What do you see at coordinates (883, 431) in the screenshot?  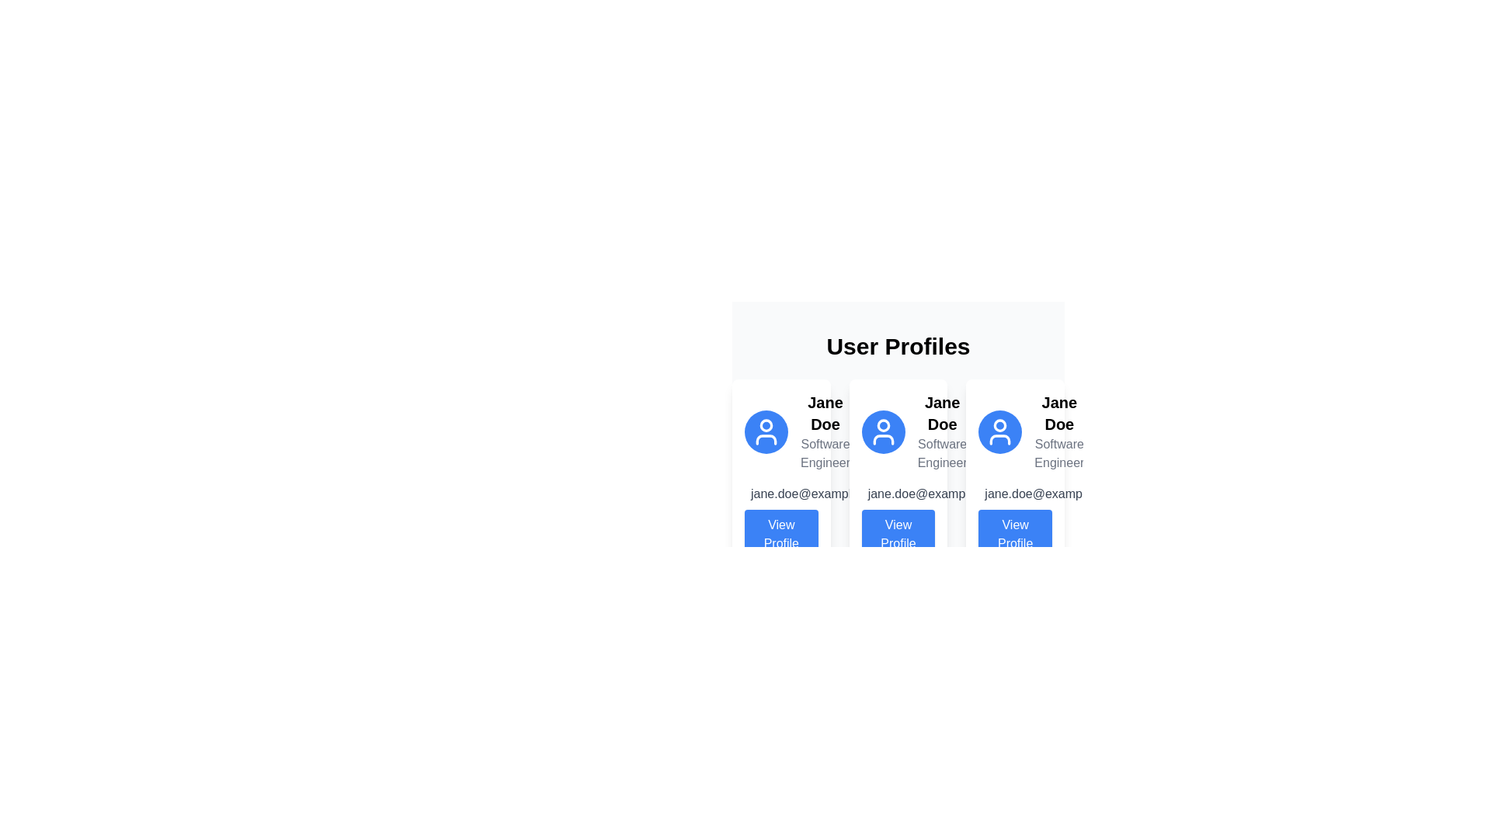 I see `the circular user profile avatar icon with a blue background and white outline, centrally positioned above the title 'Jane Doe' and subtitle 'Software Engineer' in its card layout` at bounding box center [883, 431].